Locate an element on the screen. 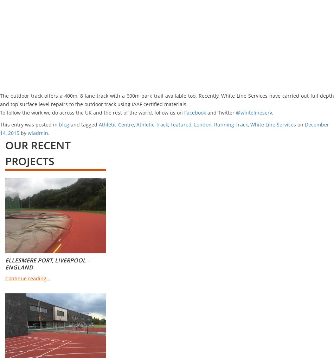  'blog' is located at coordinates (64, 124).